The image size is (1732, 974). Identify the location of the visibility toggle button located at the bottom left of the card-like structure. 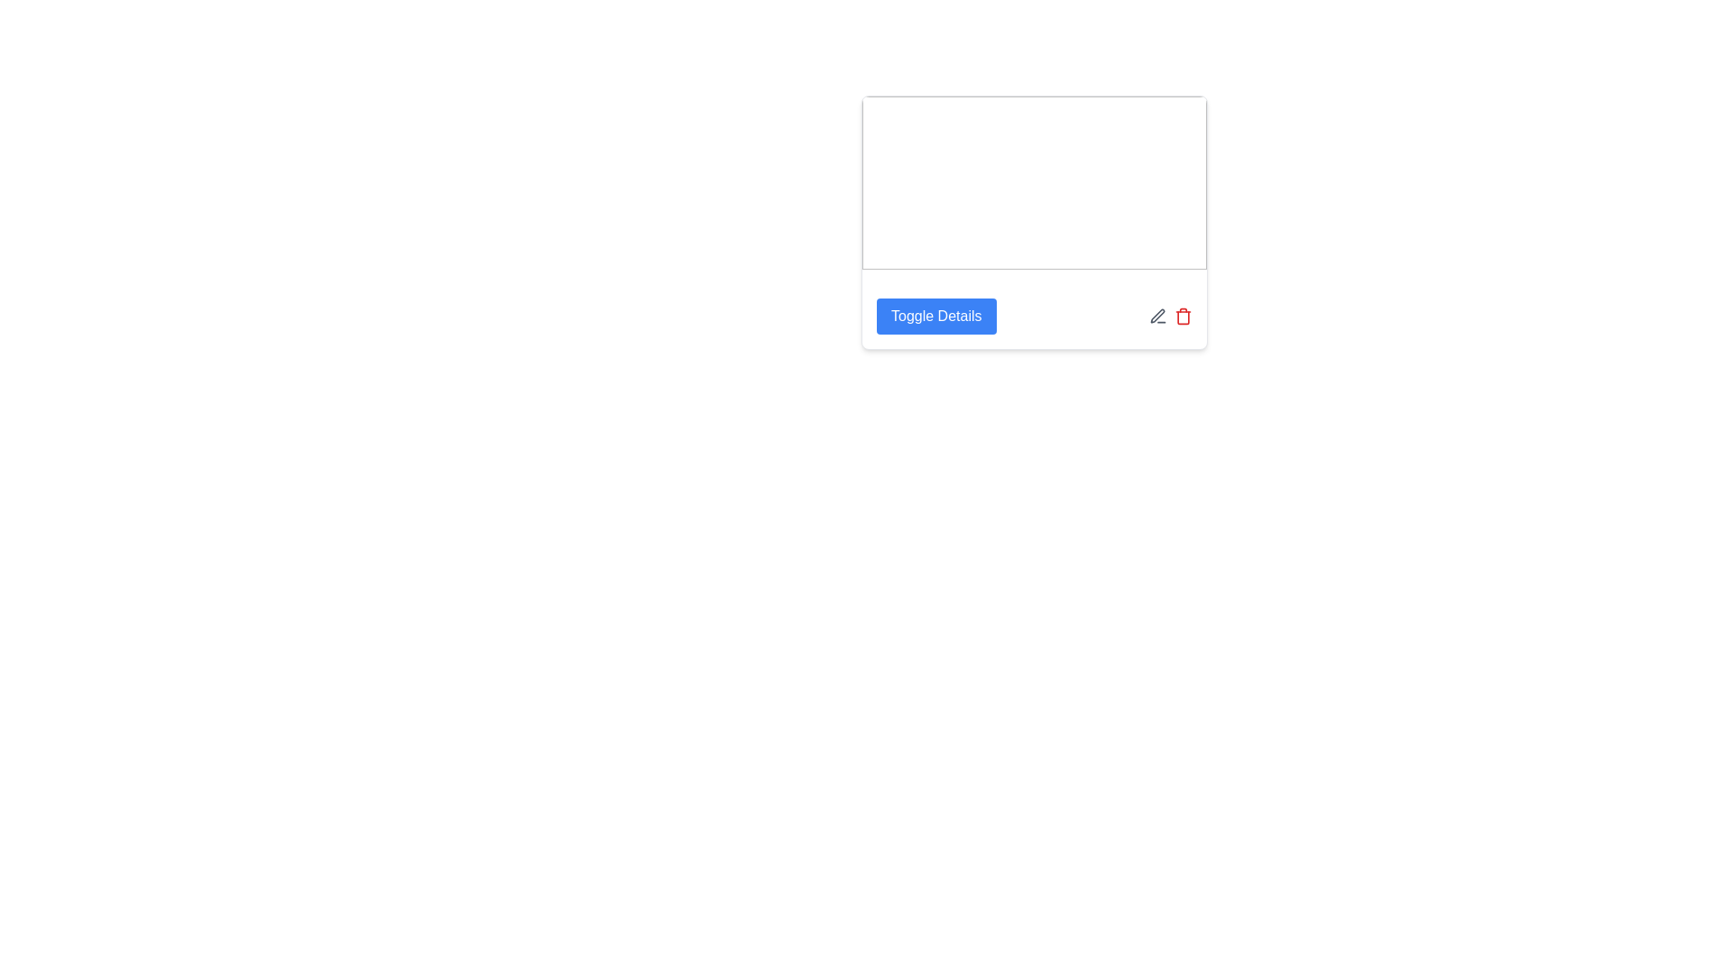
(936, 316).